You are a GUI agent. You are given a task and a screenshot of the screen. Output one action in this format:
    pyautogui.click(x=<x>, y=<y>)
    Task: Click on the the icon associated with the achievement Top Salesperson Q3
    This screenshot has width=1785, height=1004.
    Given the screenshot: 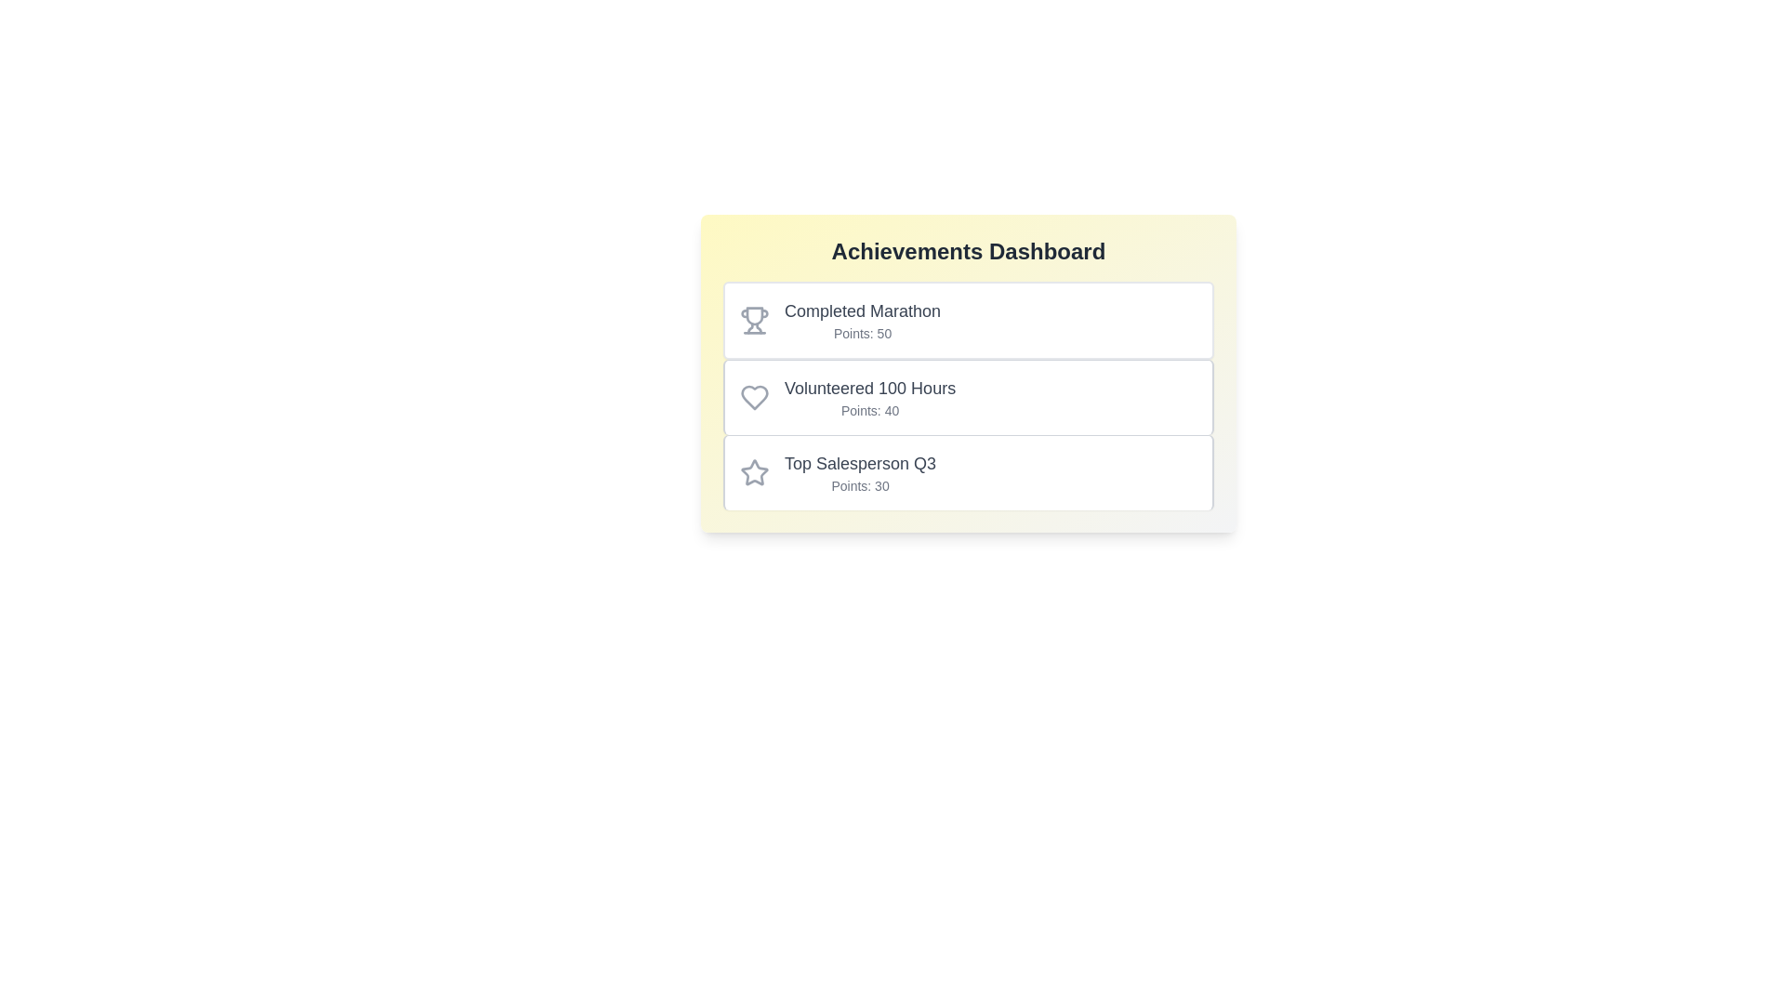 What is the action you would take?
    pyautogui.click(x=754, y=472)
    